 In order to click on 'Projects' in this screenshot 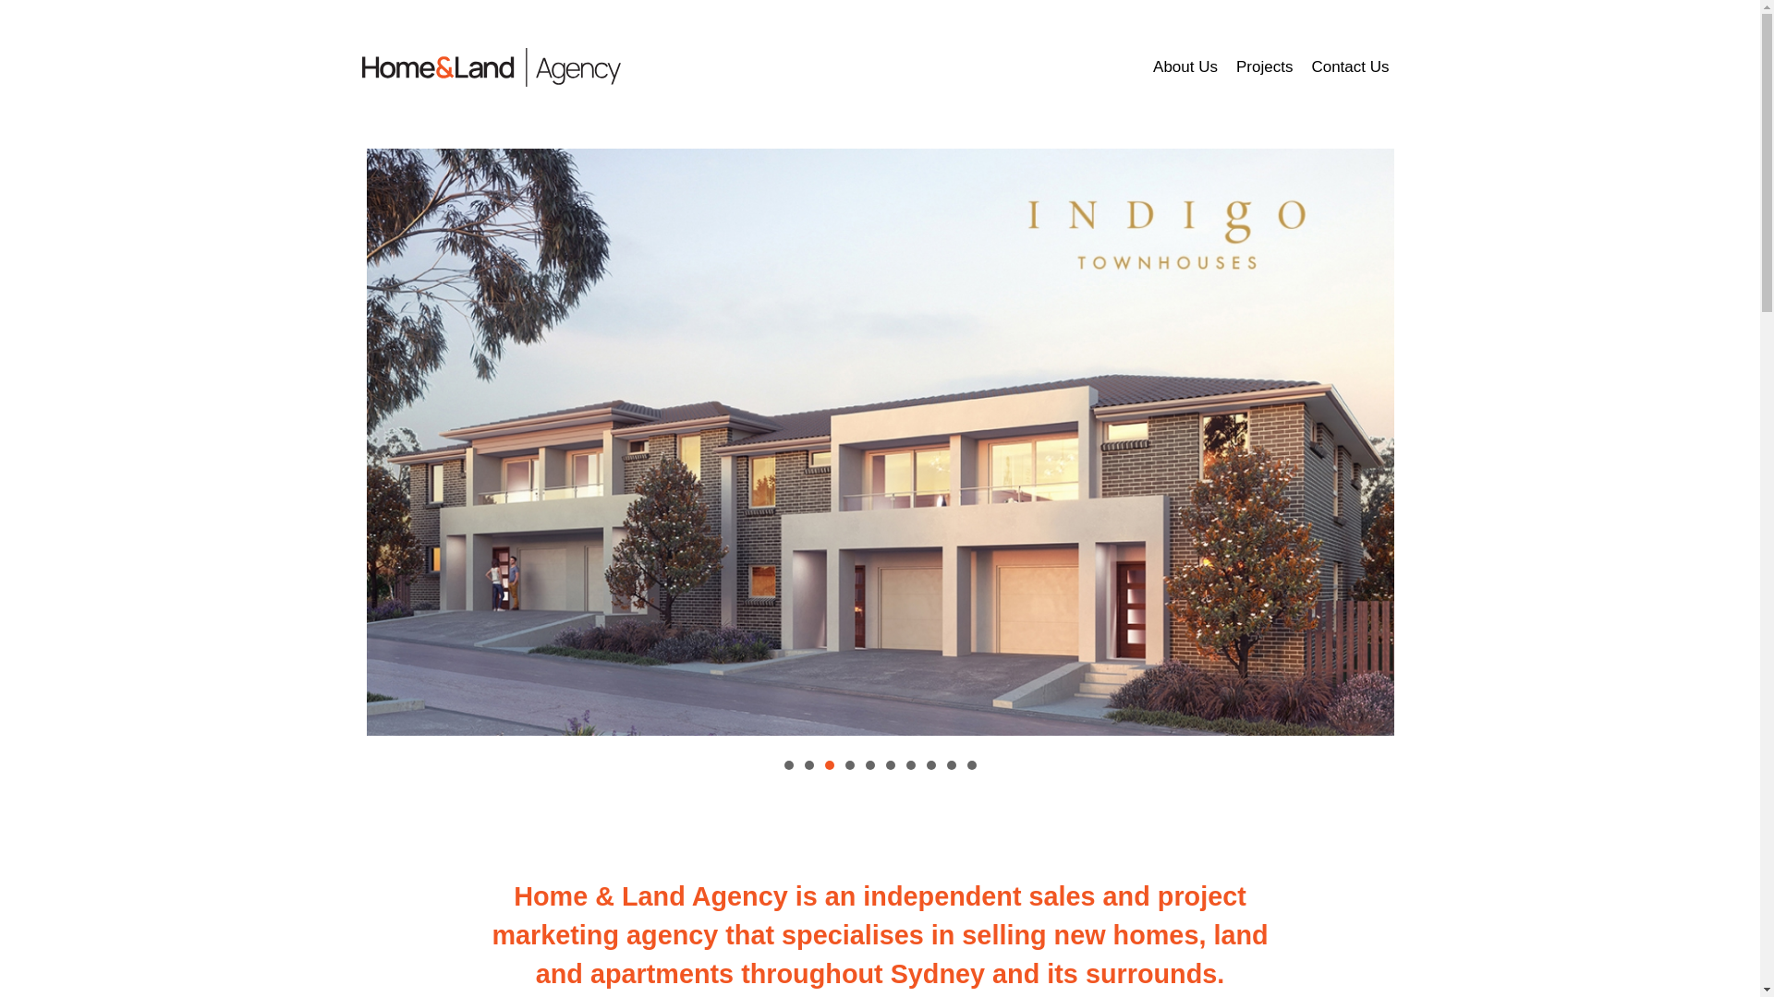, I will do `click(1263, 66)`.